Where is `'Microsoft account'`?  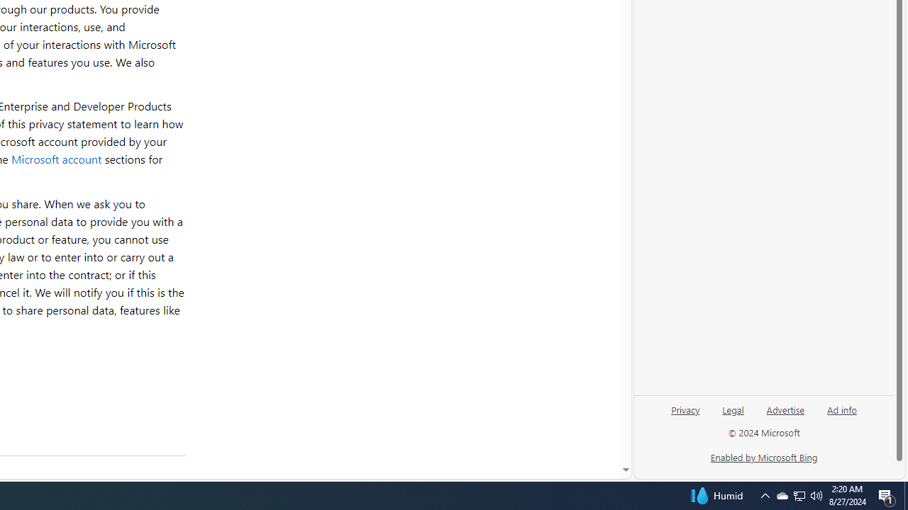 'Microsoft account' is located at coordinates (56, 159).